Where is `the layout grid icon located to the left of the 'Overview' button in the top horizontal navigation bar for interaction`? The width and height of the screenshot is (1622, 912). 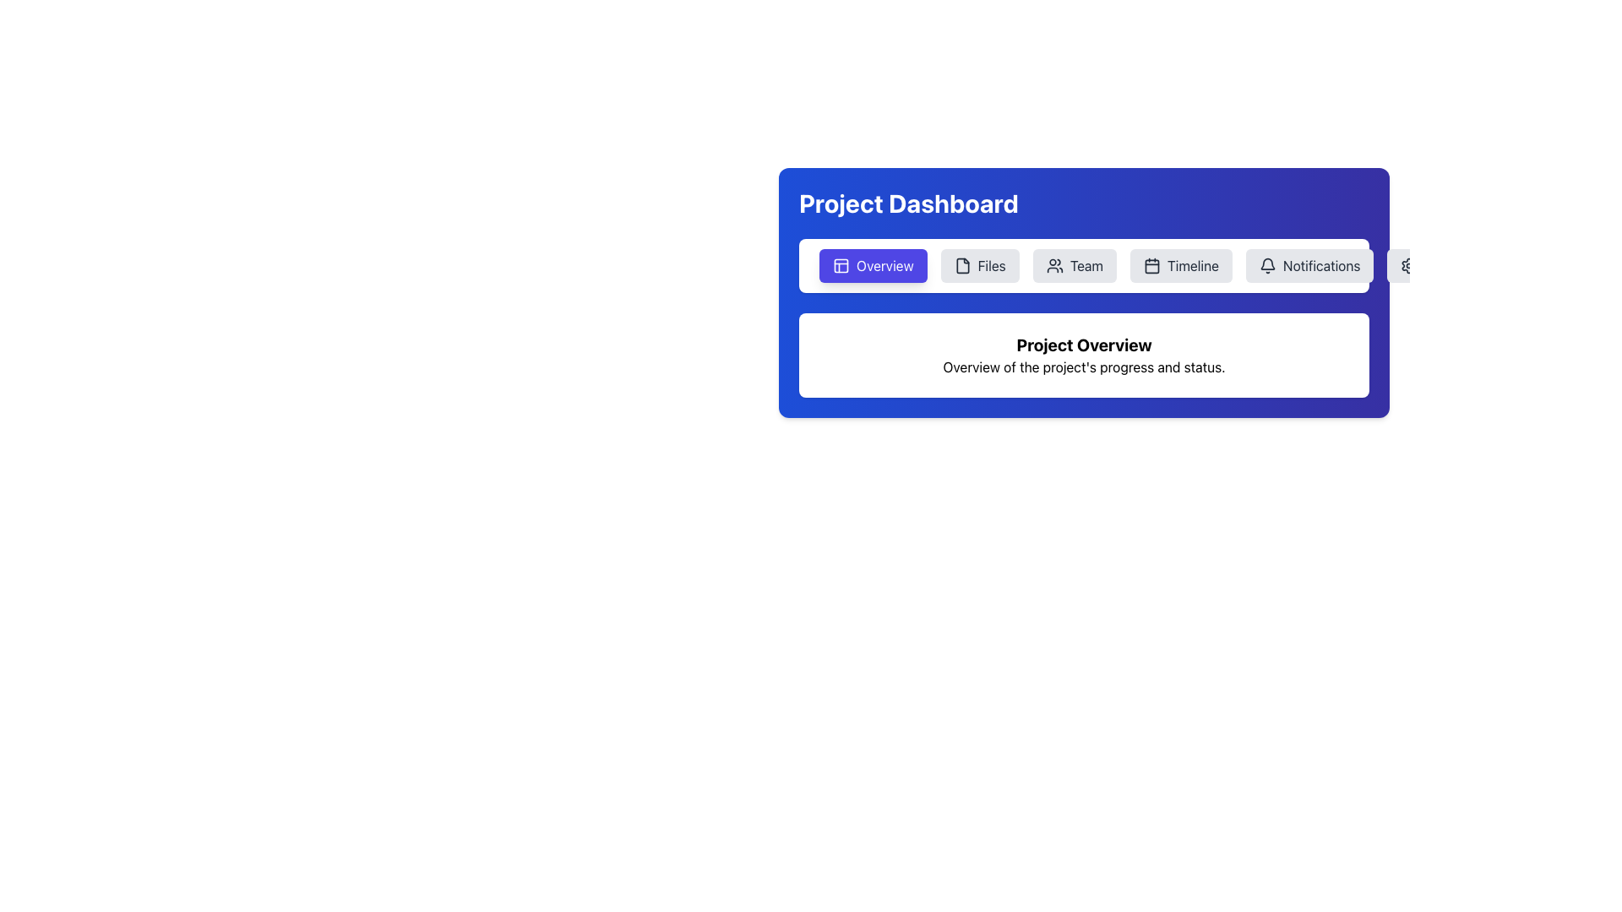
the layout grid icon located to the left of the 'Overview' button in the top horizontal navigation bar for interaction is located at coordinates (841, 266).